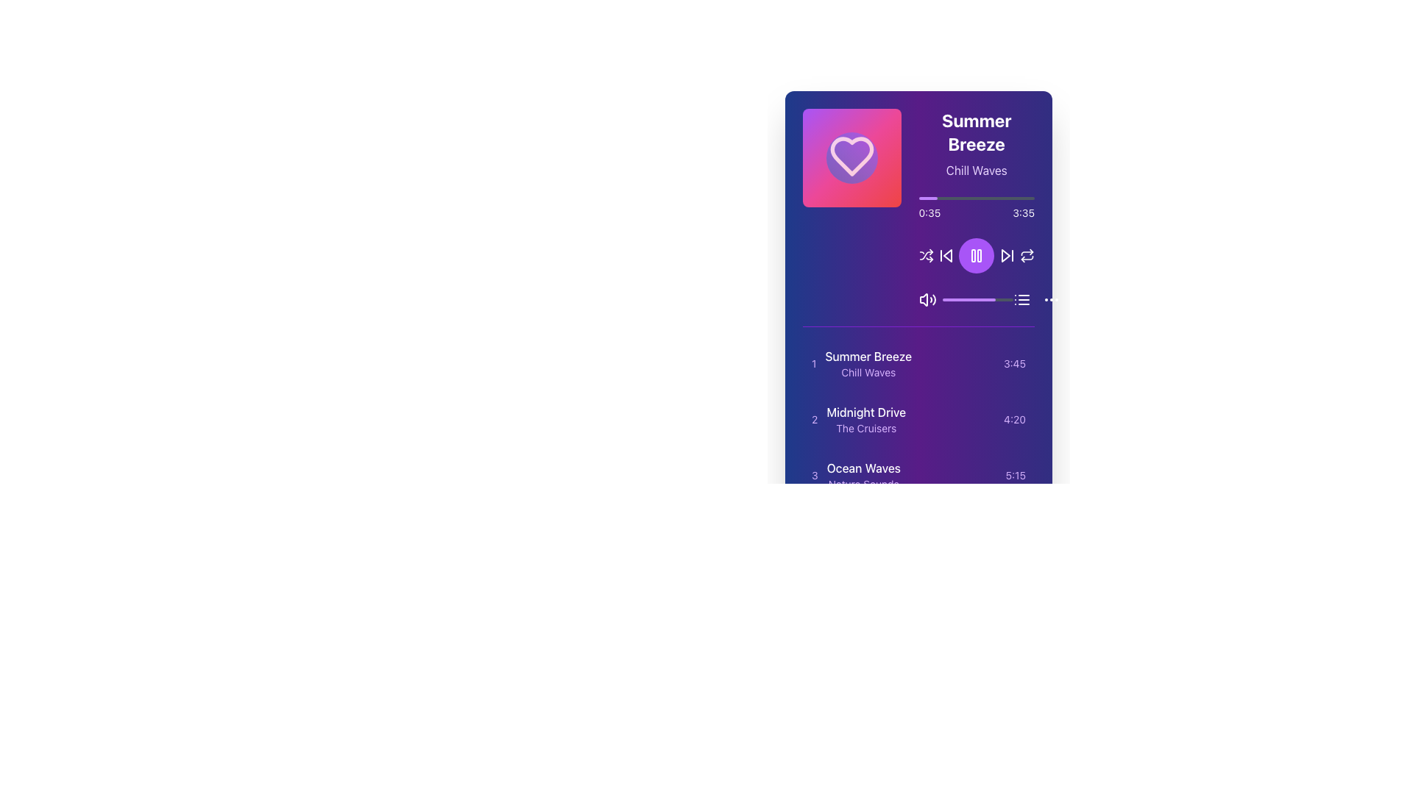  I want to click on the static text label that indicates the current progress time of the media being played, positioned to the left of the '3:35' sibling element, so click(929, 212).